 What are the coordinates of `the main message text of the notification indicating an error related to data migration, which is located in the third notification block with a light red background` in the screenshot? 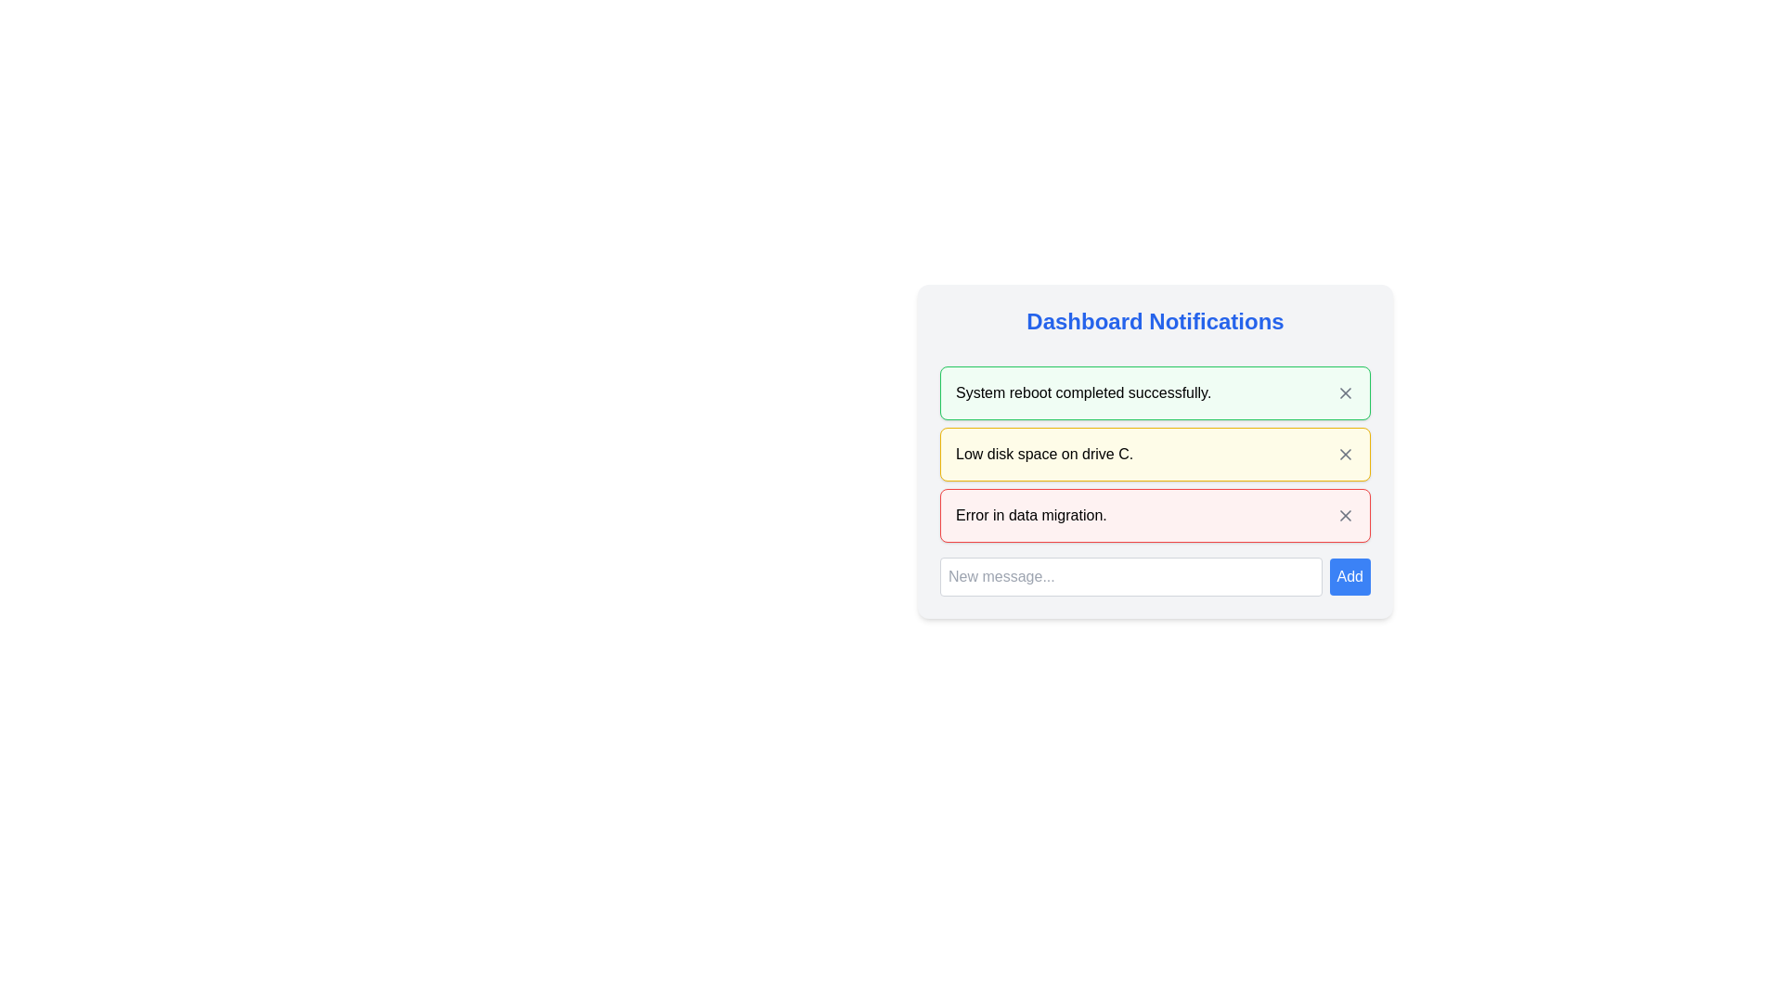 It's located at (1030, 515).